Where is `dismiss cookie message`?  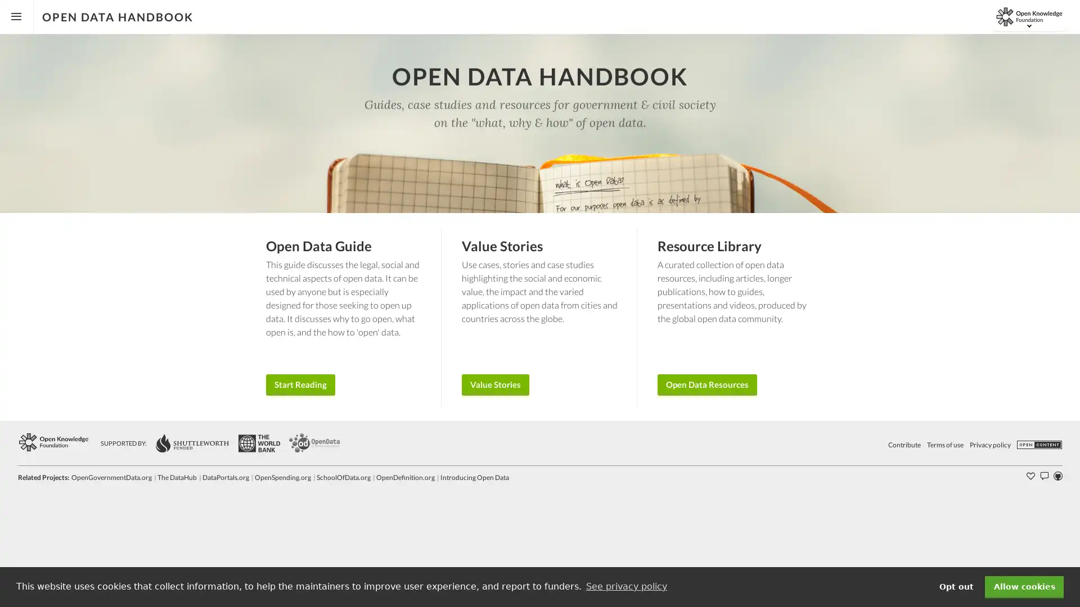 dismiss cookie message is located at coordinates (1024, 586).